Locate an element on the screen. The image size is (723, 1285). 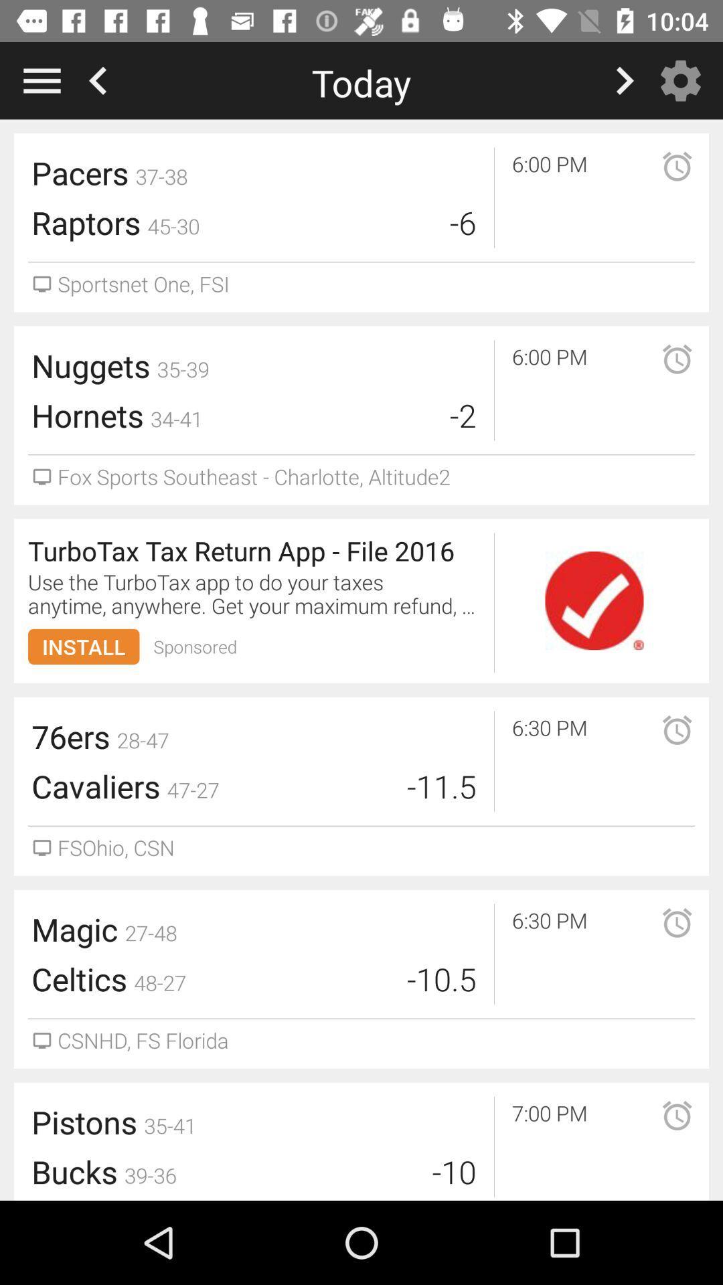
item below the use the turbotax item is located at coordinates (195, 647).